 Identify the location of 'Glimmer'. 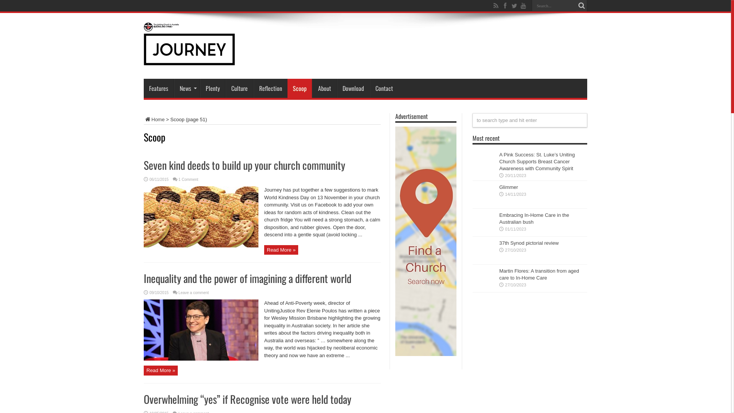
(508, 187).